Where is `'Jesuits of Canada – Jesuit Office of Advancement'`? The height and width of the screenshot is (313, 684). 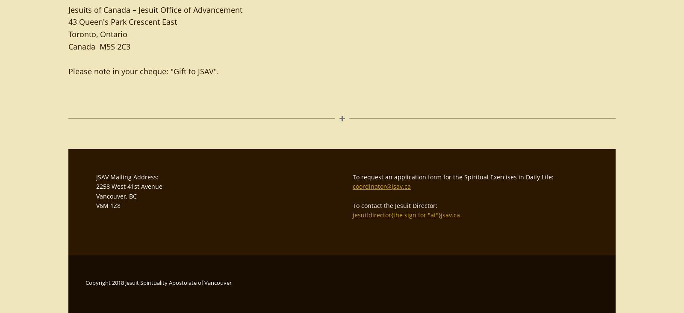 'Jesuits of Canada – Jesuit Office of Advancement' is located at coordinates (155, 9).